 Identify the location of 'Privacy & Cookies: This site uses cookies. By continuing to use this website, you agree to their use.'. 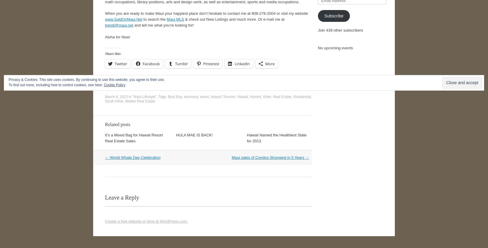
(87, 79).